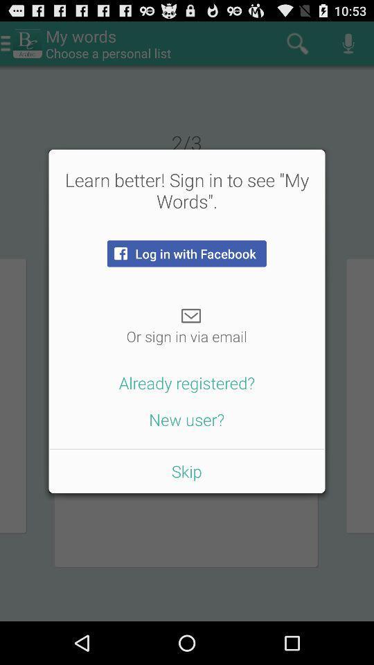 This screenshot has height=665, width=374. Describe the element at coordinates (186, 418) in the screenshot. I see `icon below already registered? item` at that location.